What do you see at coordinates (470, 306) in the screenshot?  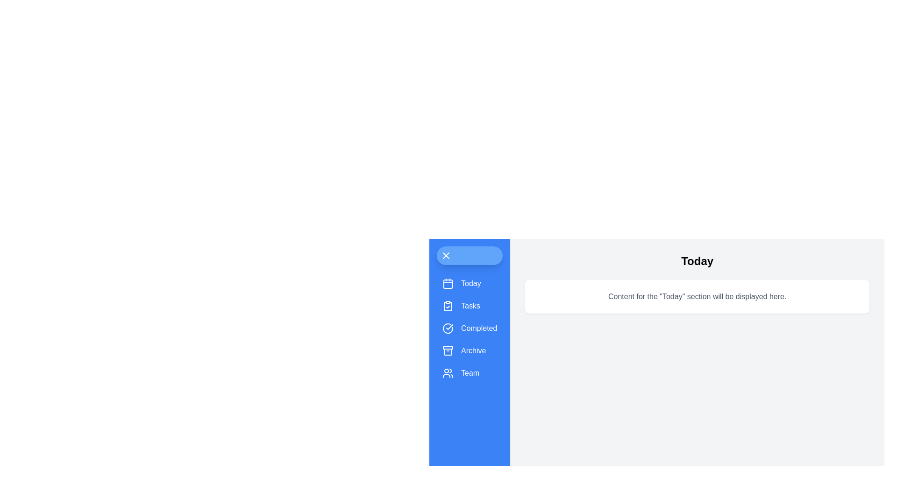 I see `the tab labeled Tasks from the side menu` at bounding box center [470, 306].